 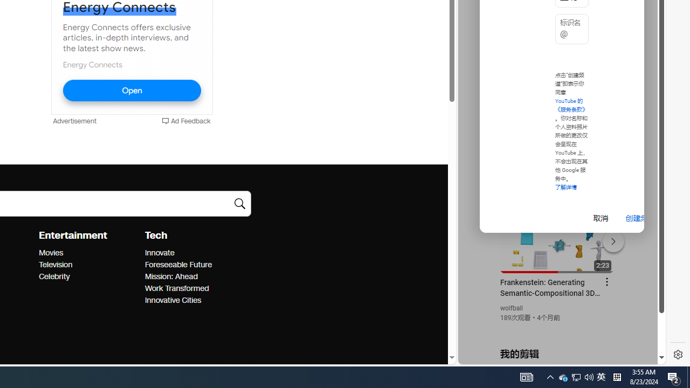 What do you see at coordinates (92, 255) in the screenshot?
I see `'EntertainmentMoviesTelevisionCelebrity'` at bounding box center [92, 255].